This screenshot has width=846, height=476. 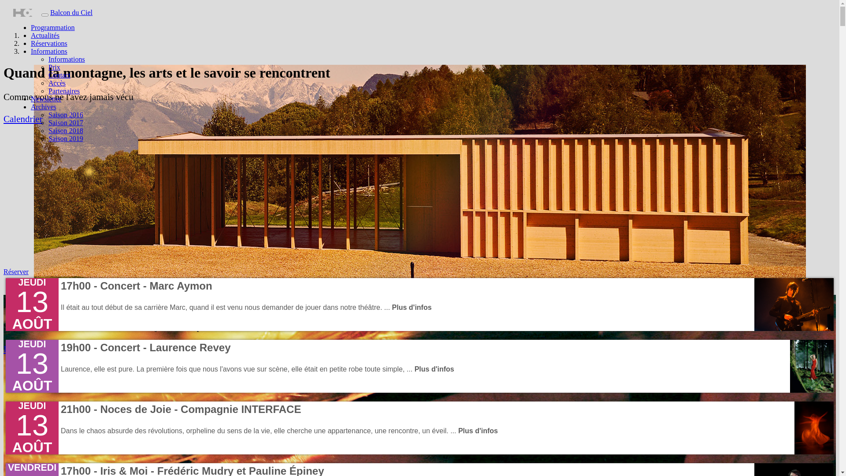 I want to click on 'Programmation', so click(x=52, y=27).